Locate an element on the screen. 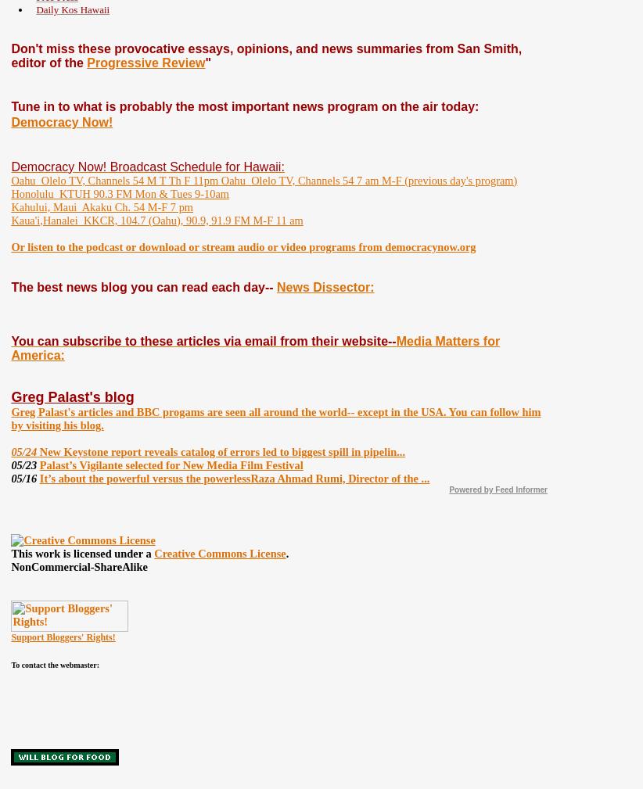  'Or listen to the podcast or download or stream audio or video 

programs from' is located at coordinates (197, 246).